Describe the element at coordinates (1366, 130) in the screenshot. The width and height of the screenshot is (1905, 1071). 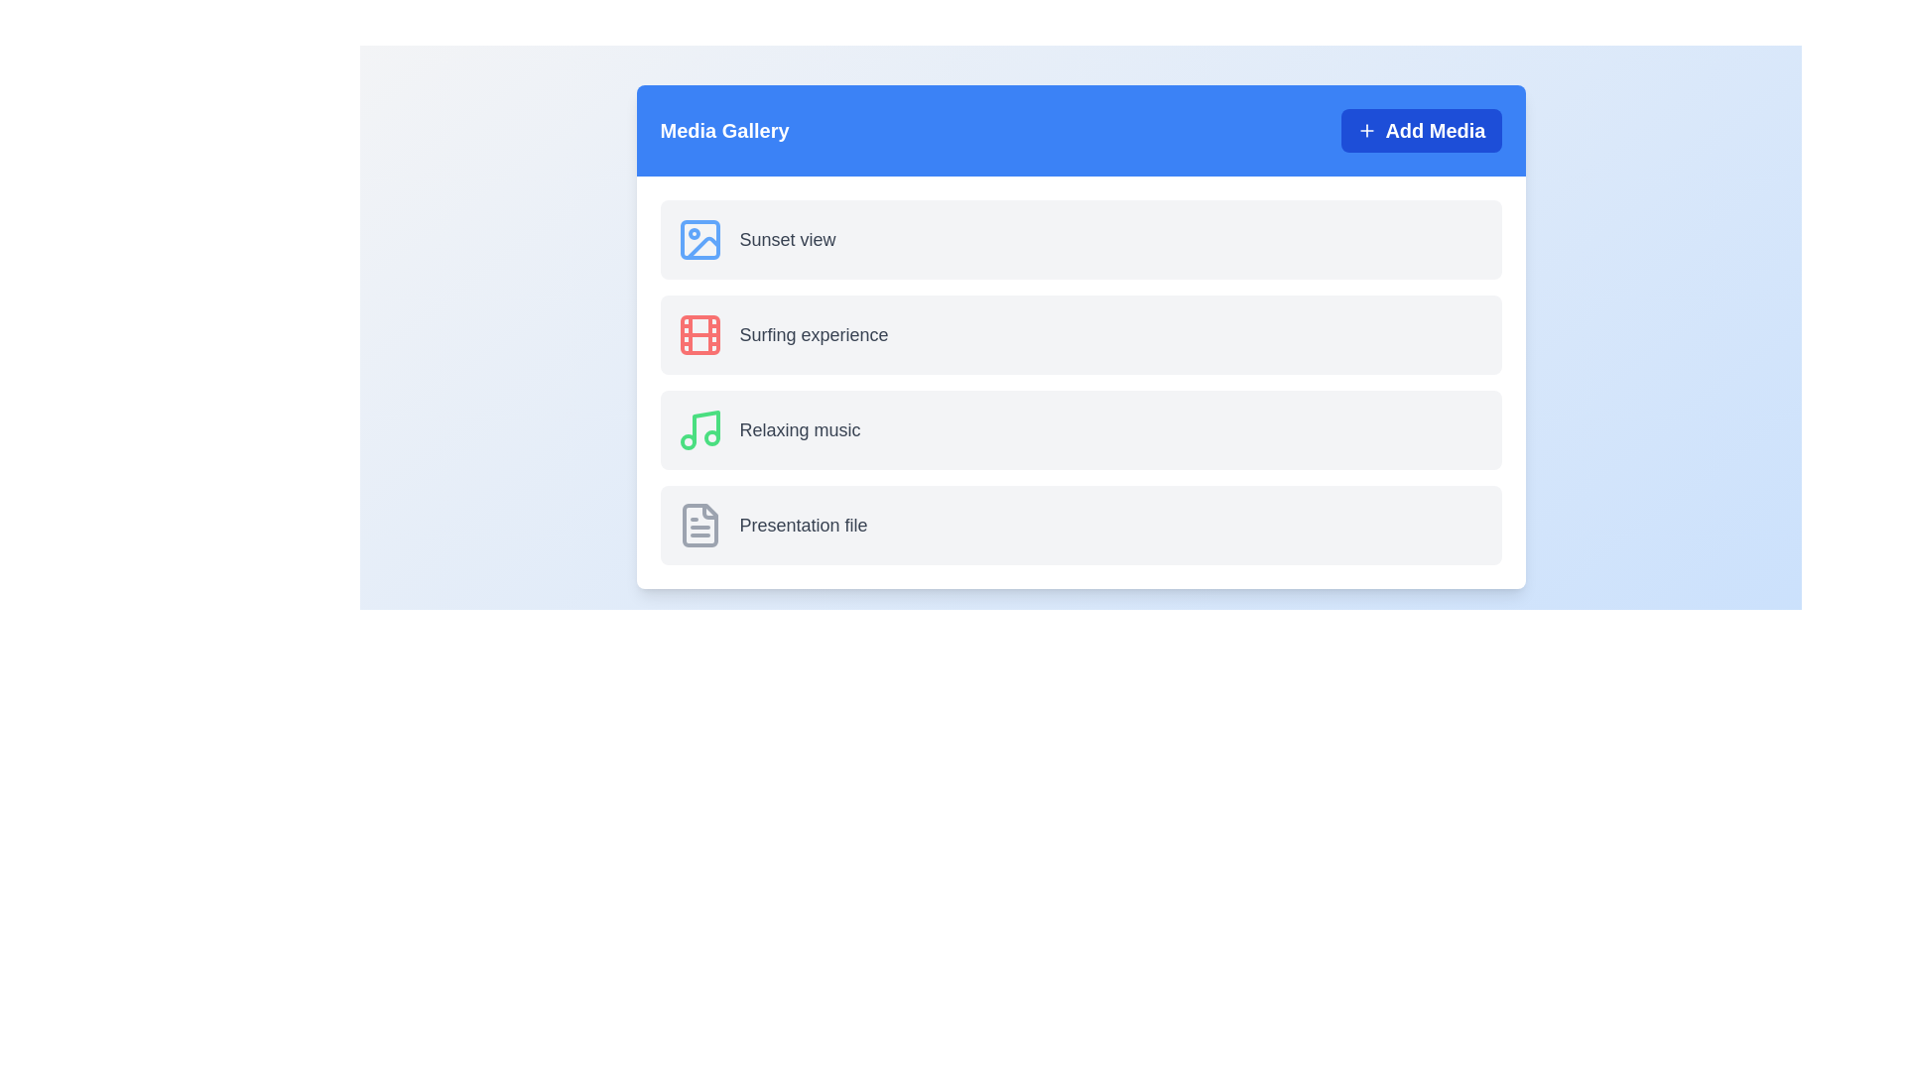
I see `the plus icon located at the top-right corner of the interface, which signifies an addition action related to media upload` at that location.